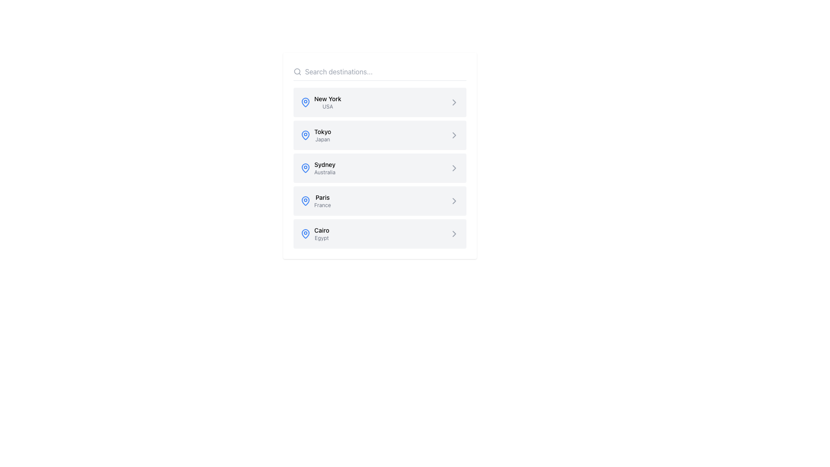 This screenshot has width=830, height=467. Describe the element at coordinates (380, 201) in the screenshot. I see `the light gray rectangular list item labeled 'Paris'` at that location.